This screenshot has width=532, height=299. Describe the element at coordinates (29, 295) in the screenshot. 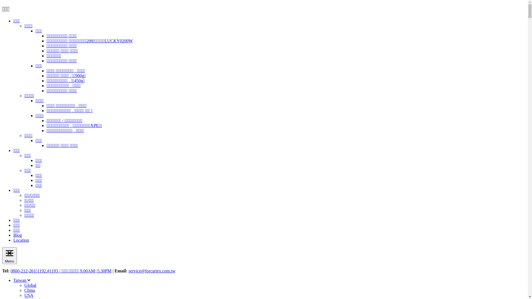

I see `'USA'` at that location.